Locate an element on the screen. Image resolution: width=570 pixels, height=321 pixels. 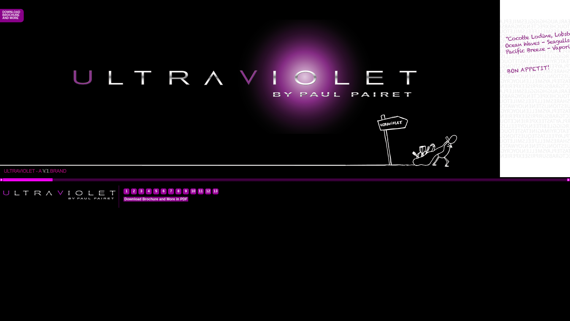
'2' is located at coordinates (134, 191).